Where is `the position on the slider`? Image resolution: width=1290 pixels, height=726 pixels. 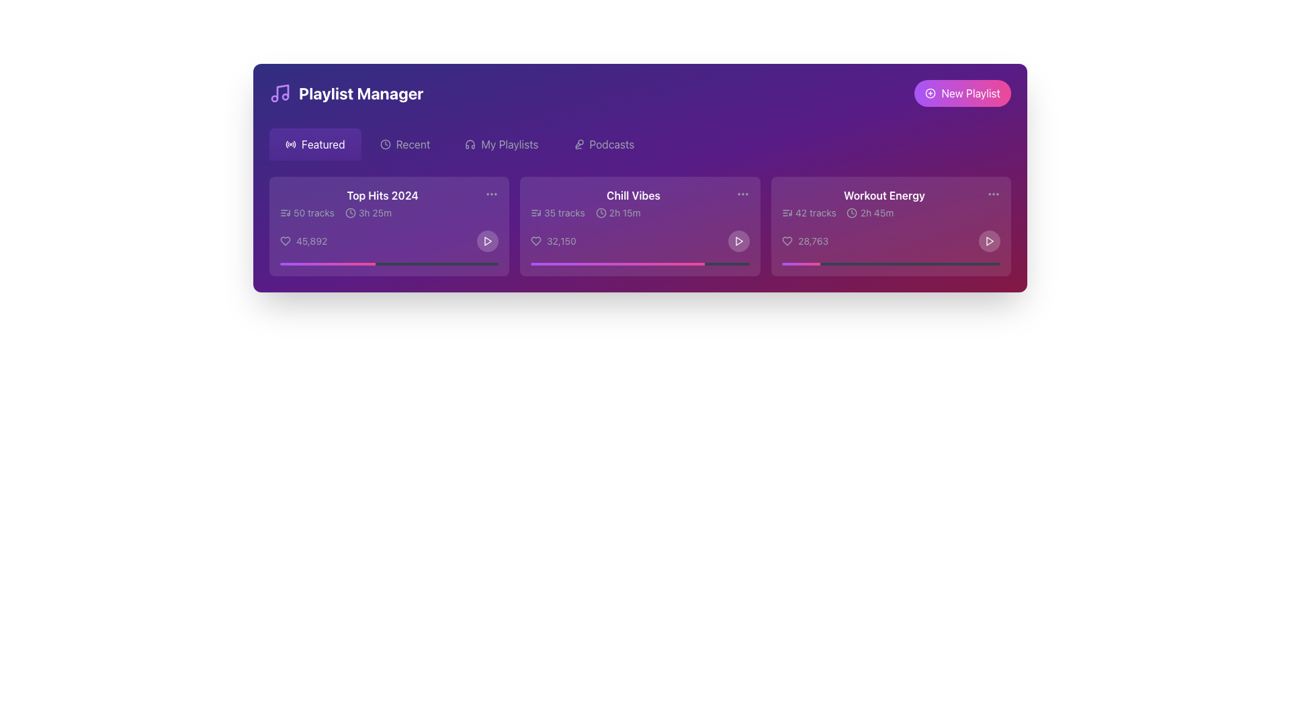
the position on the slider is located at coordinates (611, 264).